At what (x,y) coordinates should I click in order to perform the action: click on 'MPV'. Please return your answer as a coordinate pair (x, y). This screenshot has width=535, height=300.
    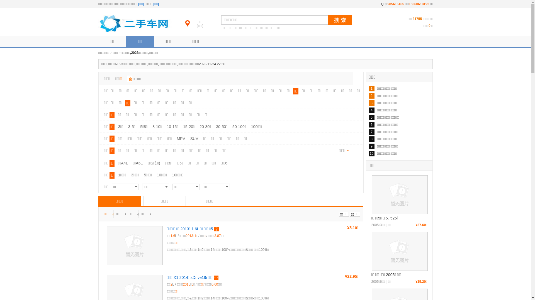
    Looking at the image, I should click on (175, 138).